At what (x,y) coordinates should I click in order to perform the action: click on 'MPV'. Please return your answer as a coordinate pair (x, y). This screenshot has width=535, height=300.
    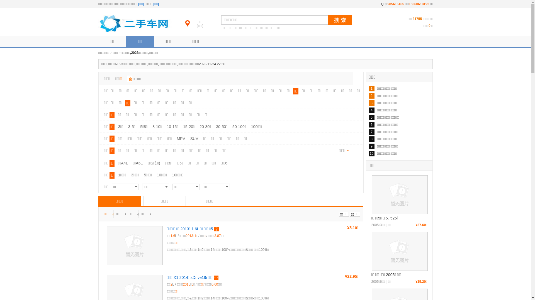
    Looking at the image, I should click on (175, 138).